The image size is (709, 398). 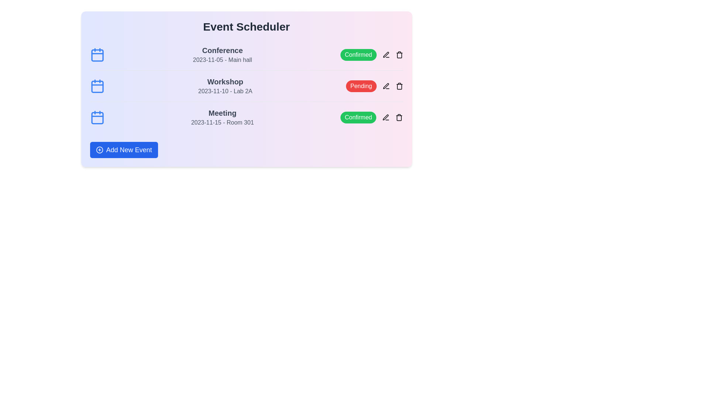 I want to click on the Status Label indicating the confirmed status of the 'Meeting' event located in the third row of the event list, so click(x=358, y=117).